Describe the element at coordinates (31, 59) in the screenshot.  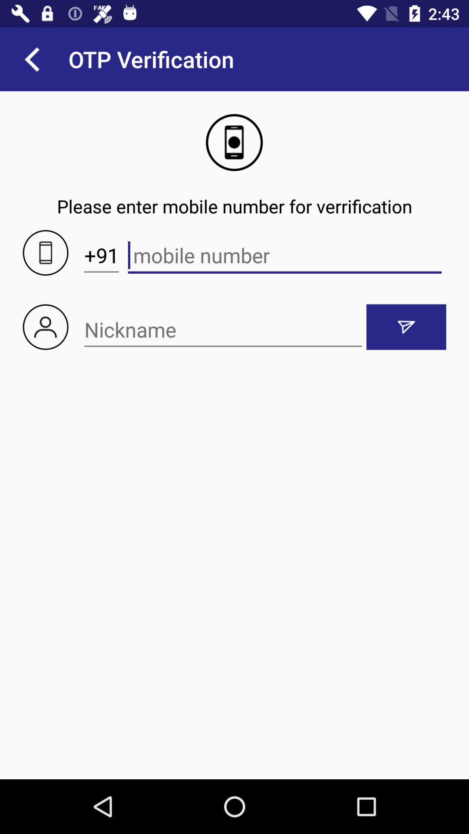
I see `item to the left of the otp verification icon` at that location.